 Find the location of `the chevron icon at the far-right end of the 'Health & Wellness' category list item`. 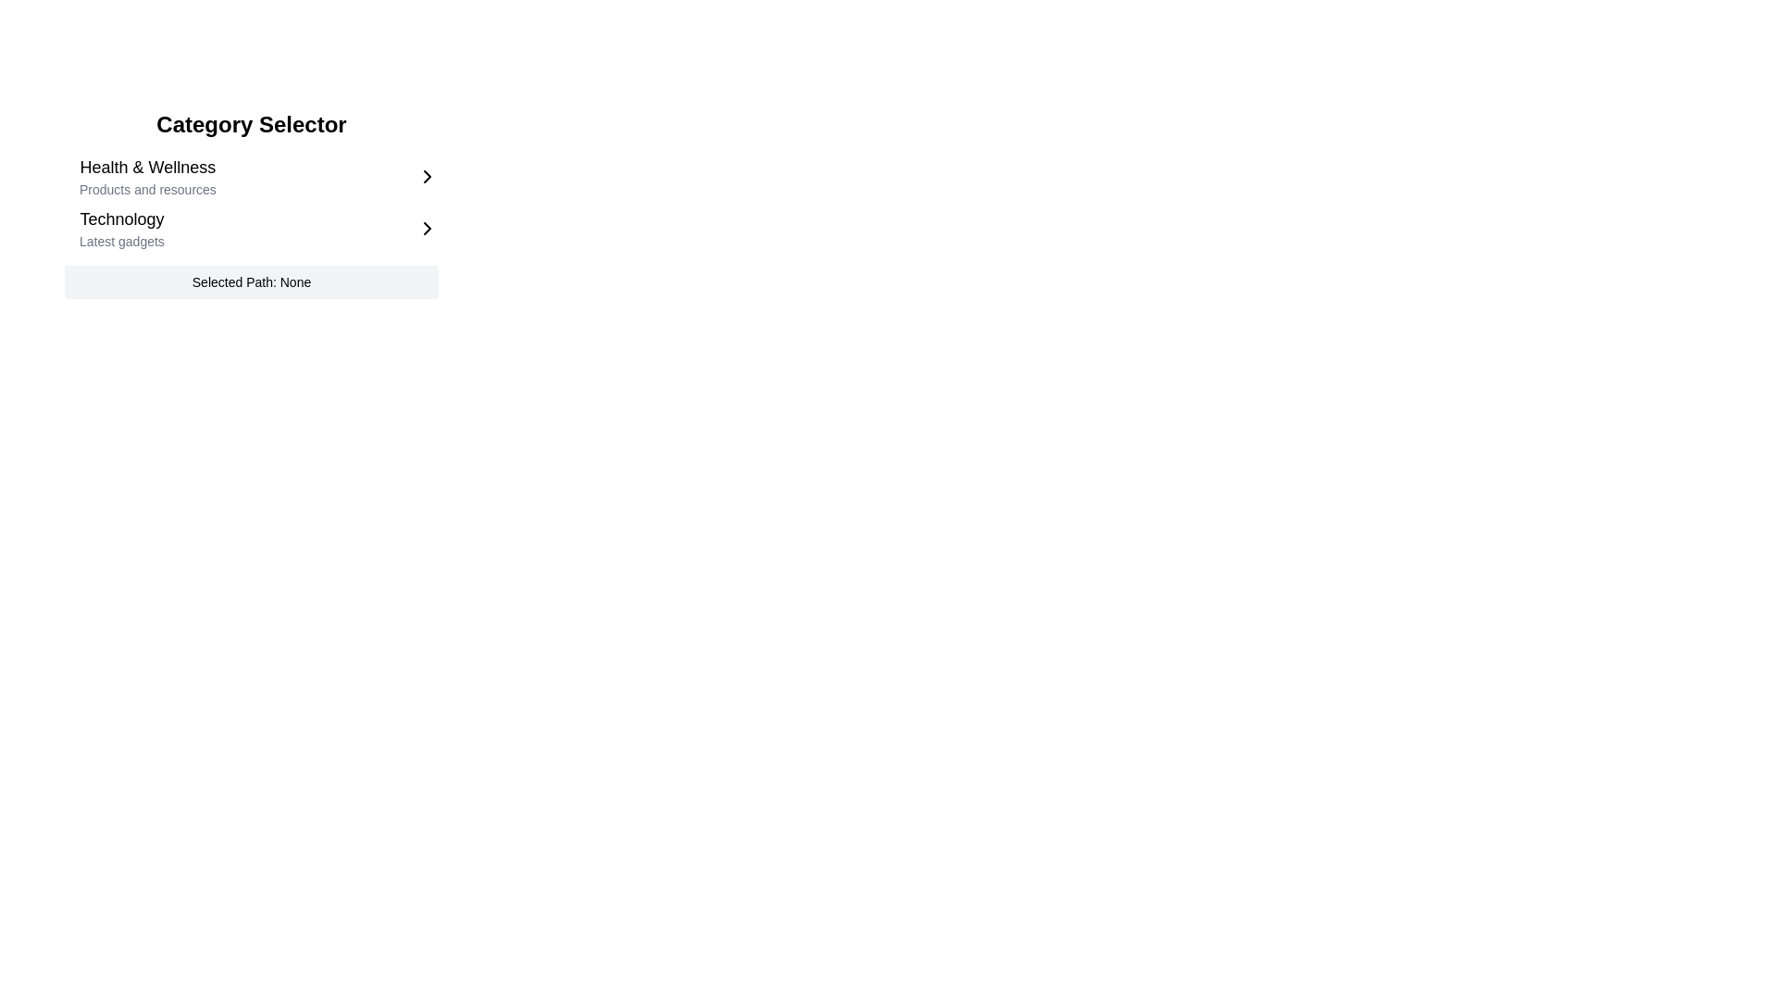

the chevron icon at the far-right end of the 'Health & Wellness' category list item is located at coordinates (426, 177).